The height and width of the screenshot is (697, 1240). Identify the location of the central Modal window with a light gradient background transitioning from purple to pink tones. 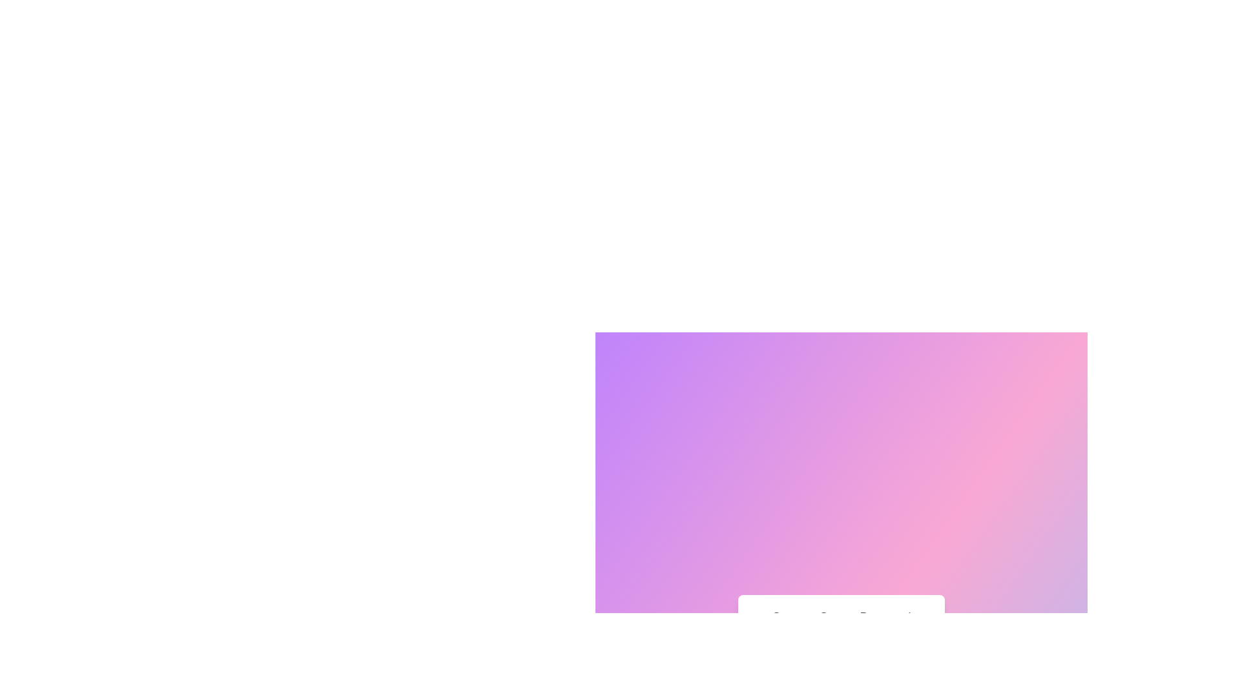
(841, 465).